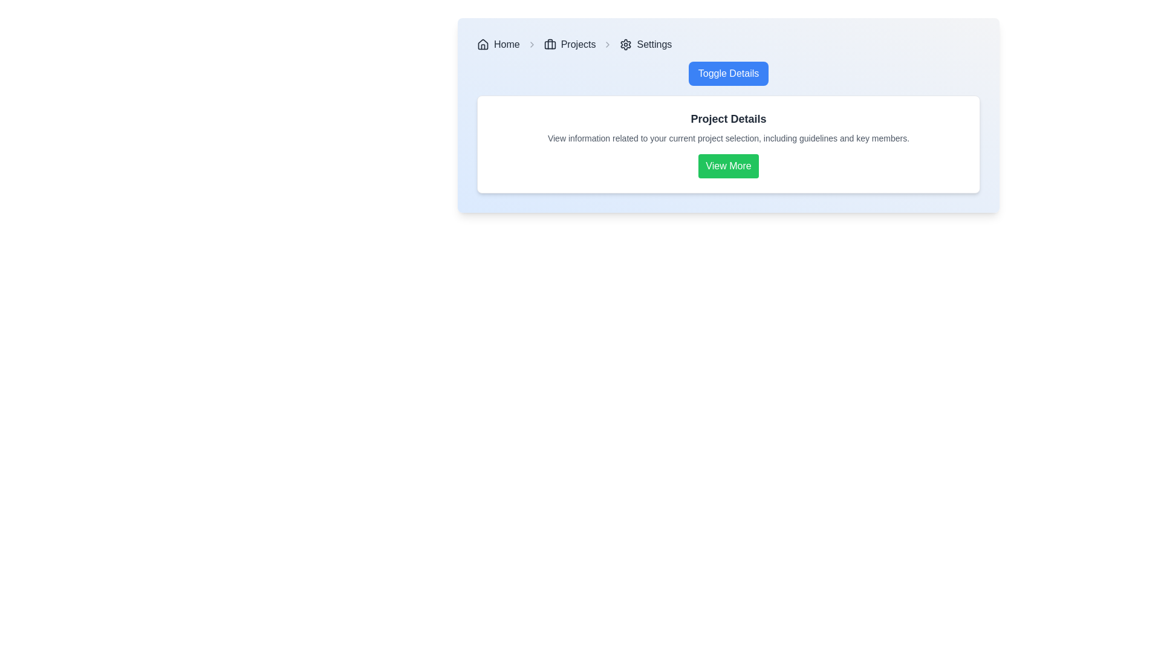 Image resolution: width=1161 pixels, height=653 pixels. Describe the element at coordinates (727, 144) in the screenshot. I see `the 'View More' button in the Project Details card to focus it for interaction` at that location.